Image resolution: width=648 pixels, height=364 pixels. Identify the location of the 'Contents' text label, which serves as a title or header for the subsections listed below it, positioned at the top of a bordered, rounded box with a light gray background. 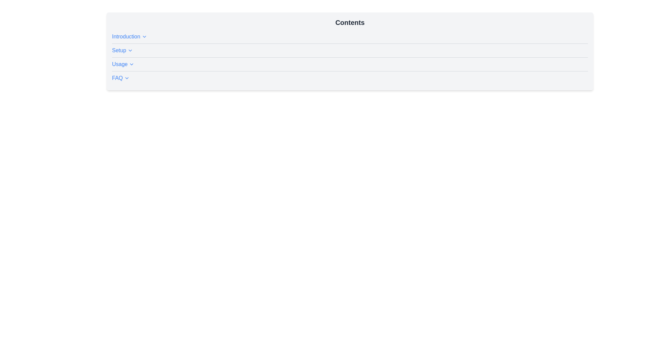
(350, 22).